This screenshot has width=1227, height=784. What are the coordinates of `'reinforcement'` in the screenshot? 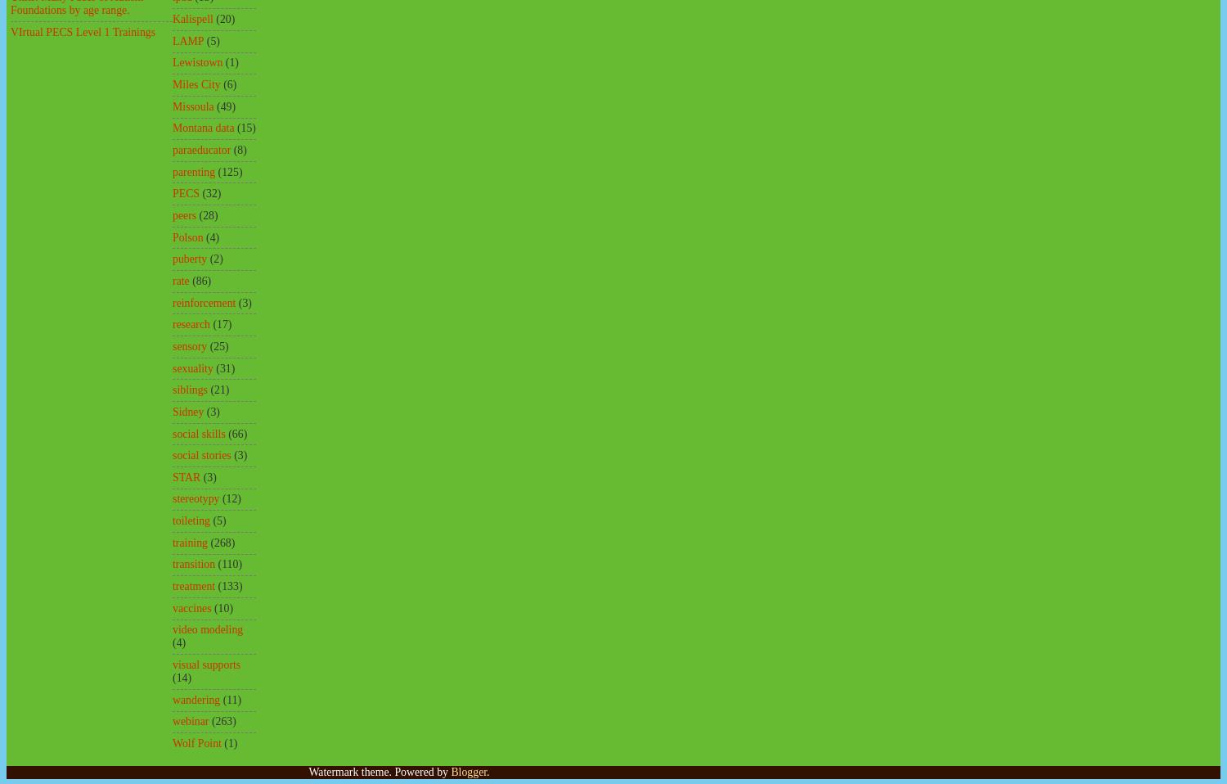 It's located at (203, 301).